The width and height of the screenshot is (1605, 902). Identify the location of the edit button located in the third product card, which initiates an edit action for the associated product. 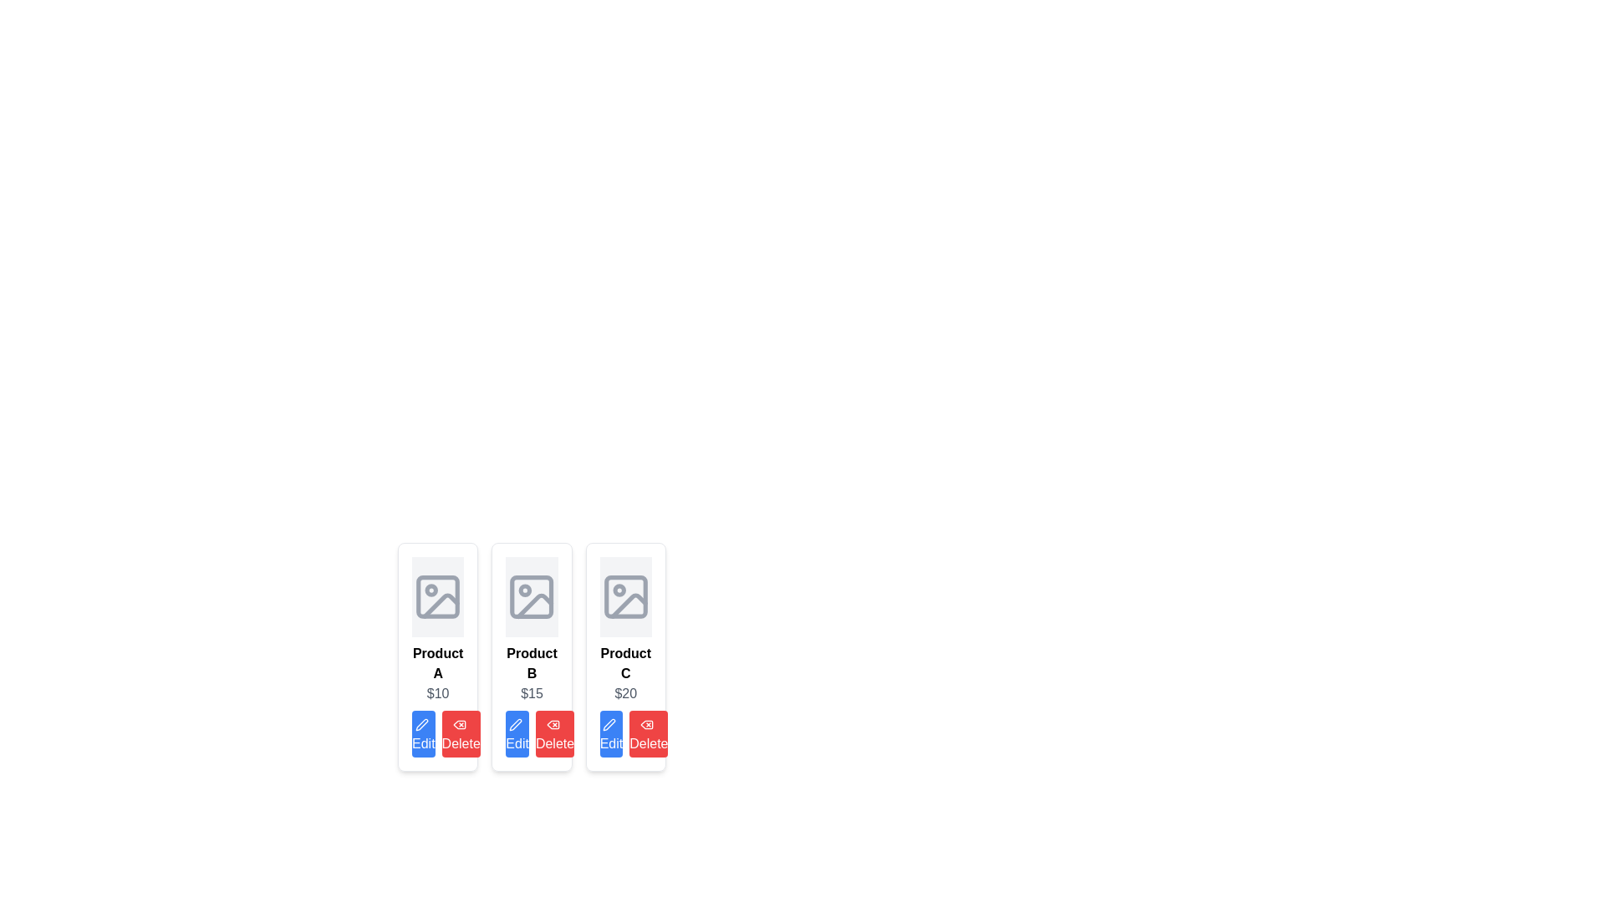
(609, 723).